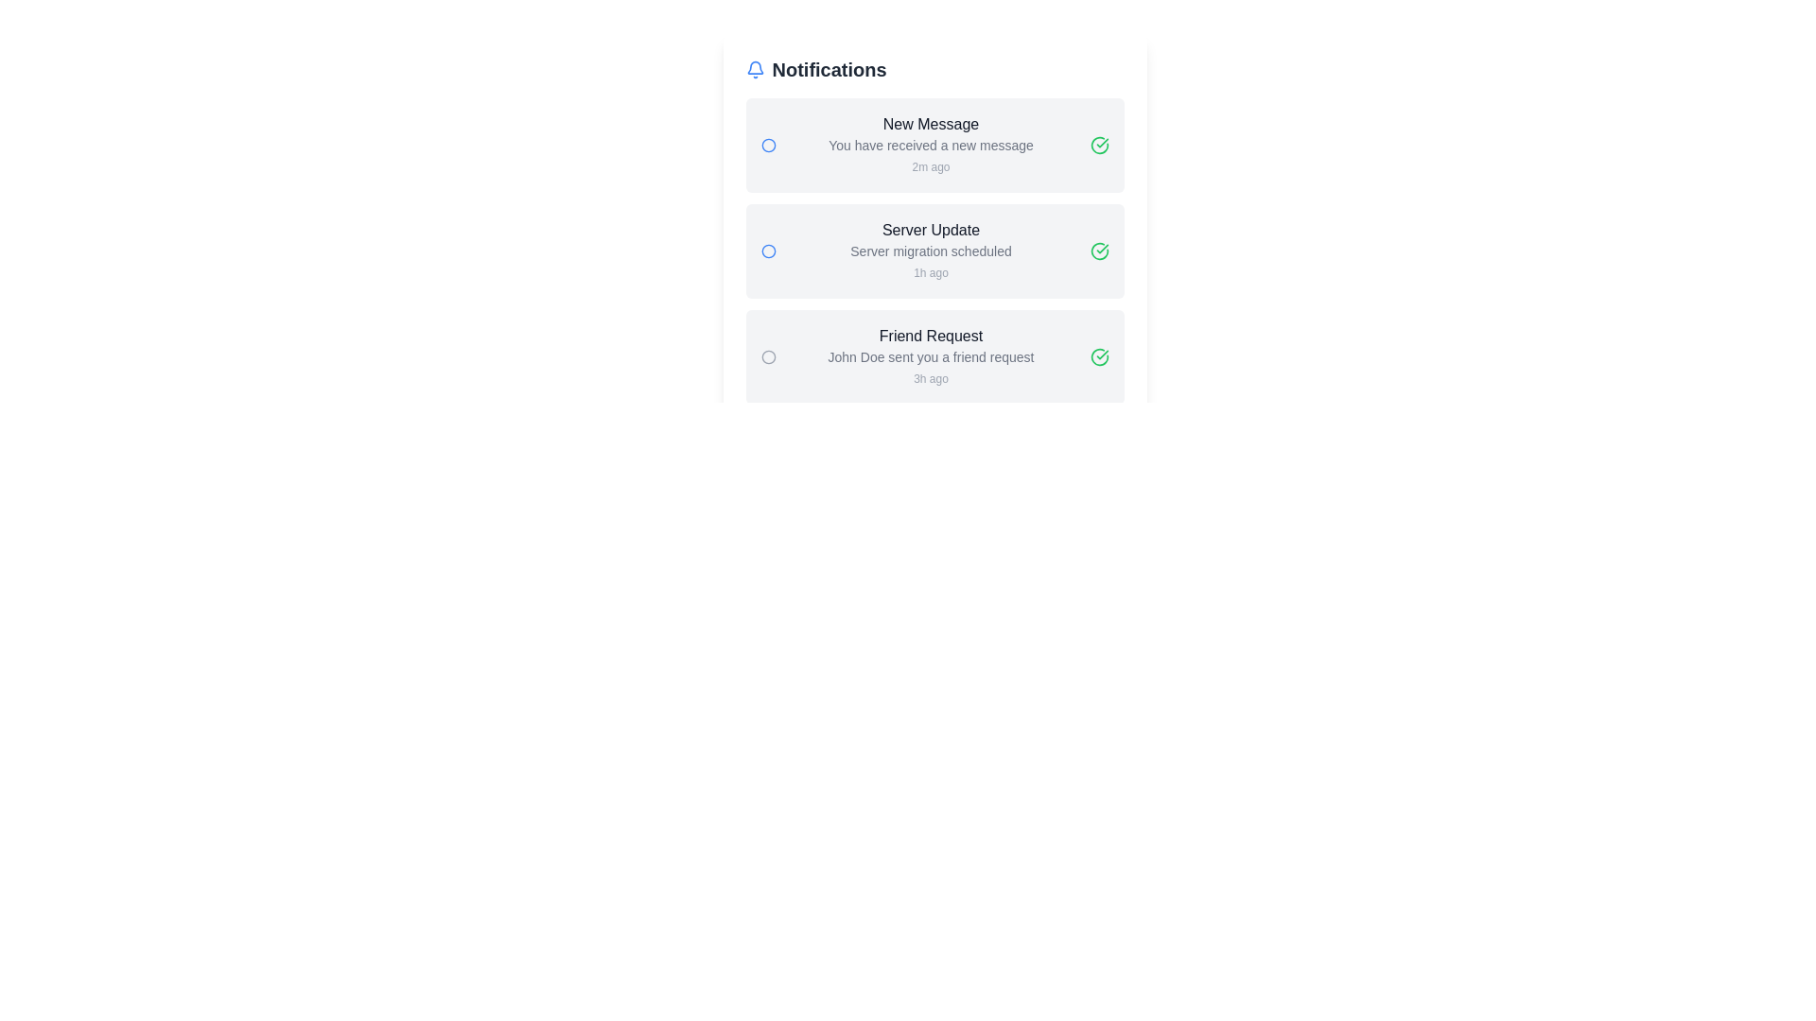 The image size is (1816, 1021). I want to click on the informational text label displaying the elapsed time since the notification was received, located at the bottom right of the 'New Message' notification card, so click(931, 166).